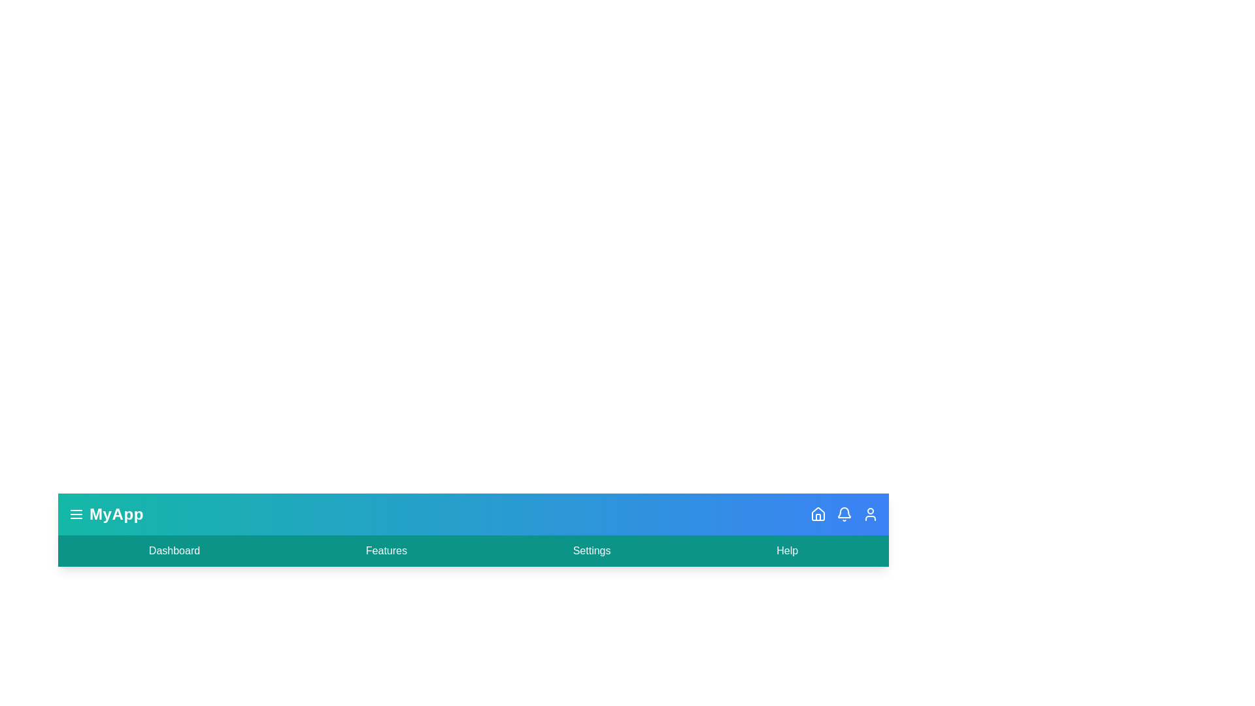 This screenshot has width=1255, height=706. What do you see at coordinates (385, 551) in the screenshot?
I see `the 'Features' button in the navigation bar to navigate to the Features section` at bounding box center [385, 551].